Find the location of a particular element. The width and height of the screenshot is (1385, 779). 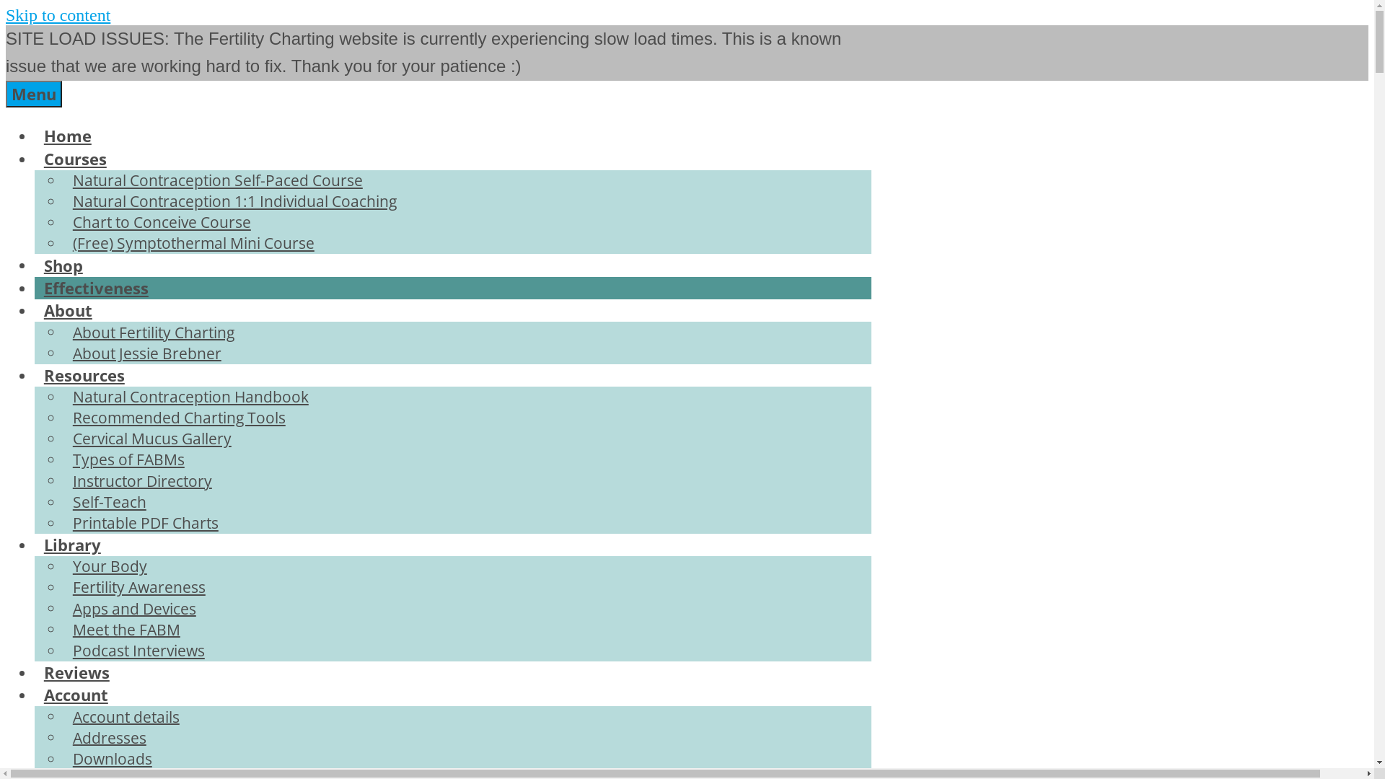

'Skip to content' is located at coordinates (58, 14).